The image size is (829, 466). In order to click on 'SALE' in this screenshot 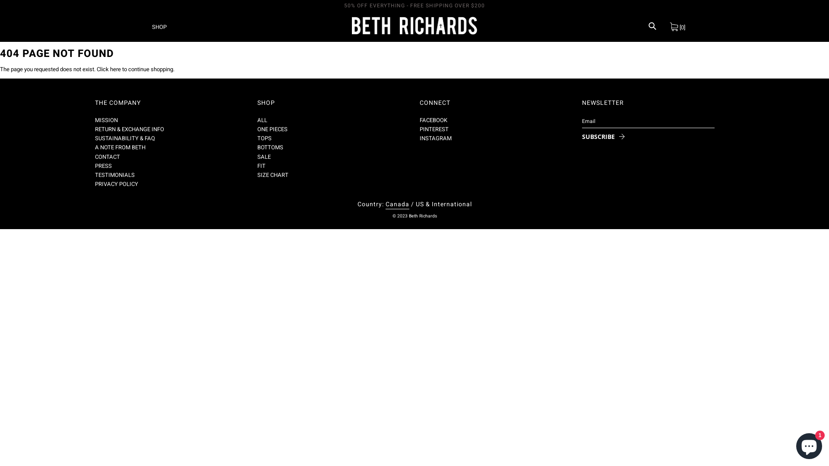, I will do `click(256, 157)`.